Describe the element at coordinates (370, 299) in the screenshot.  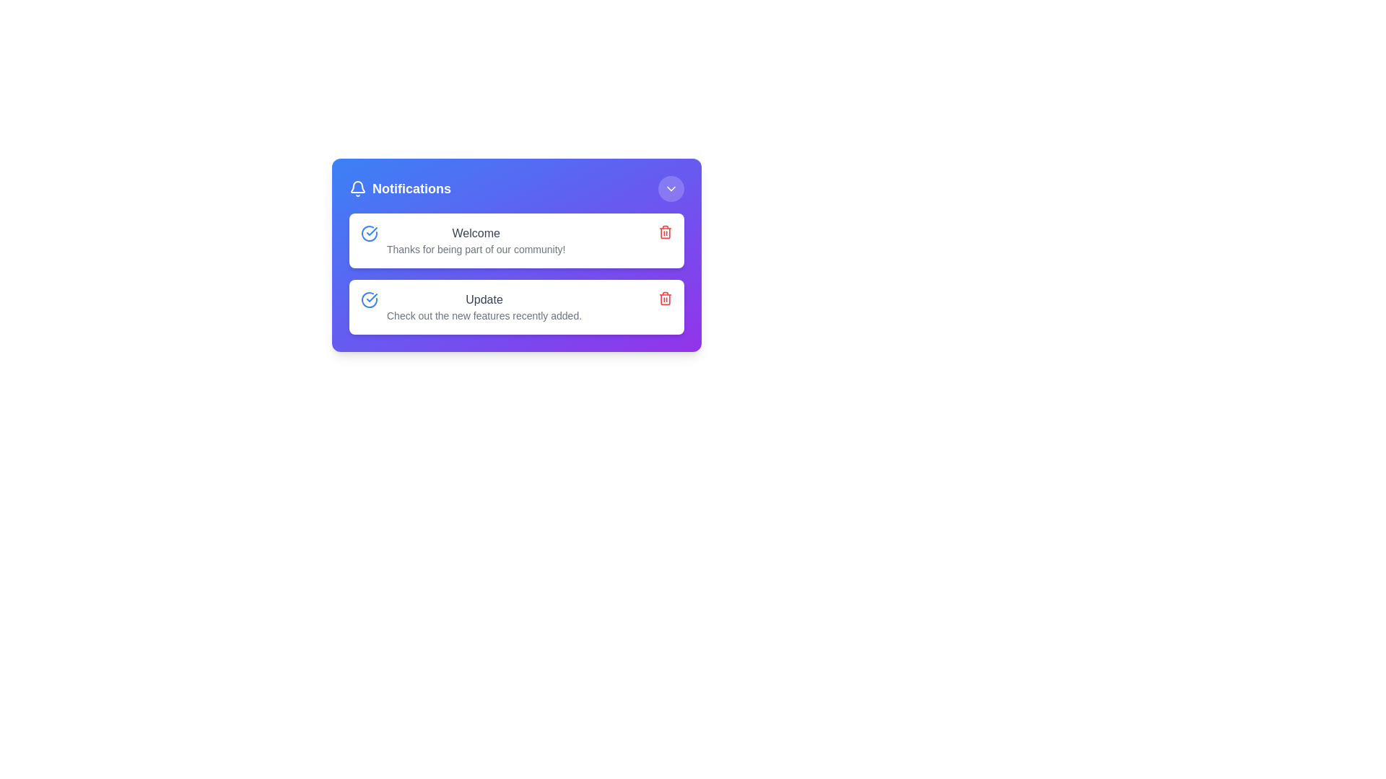
I see `SVG properties of the decorative icon representing a checked status located in the first notification box, to the left of the text 'Welcome'` at that location.